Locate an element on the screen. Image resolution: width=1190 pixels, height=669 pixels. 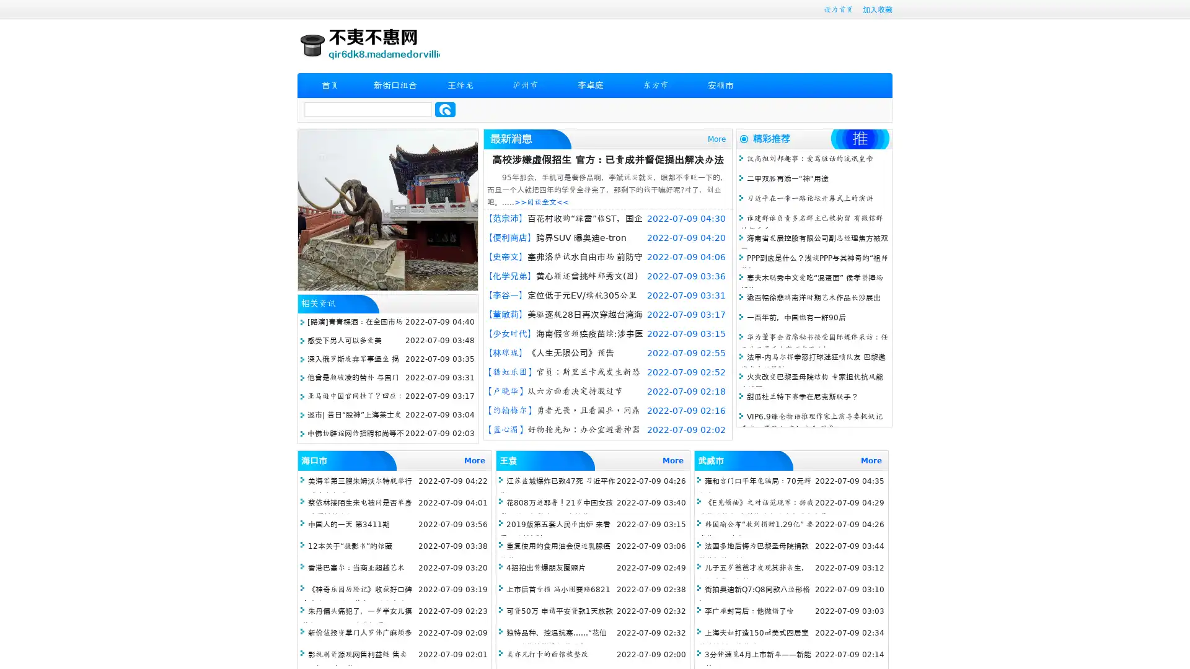
Search is located at coordinates (445, 109).